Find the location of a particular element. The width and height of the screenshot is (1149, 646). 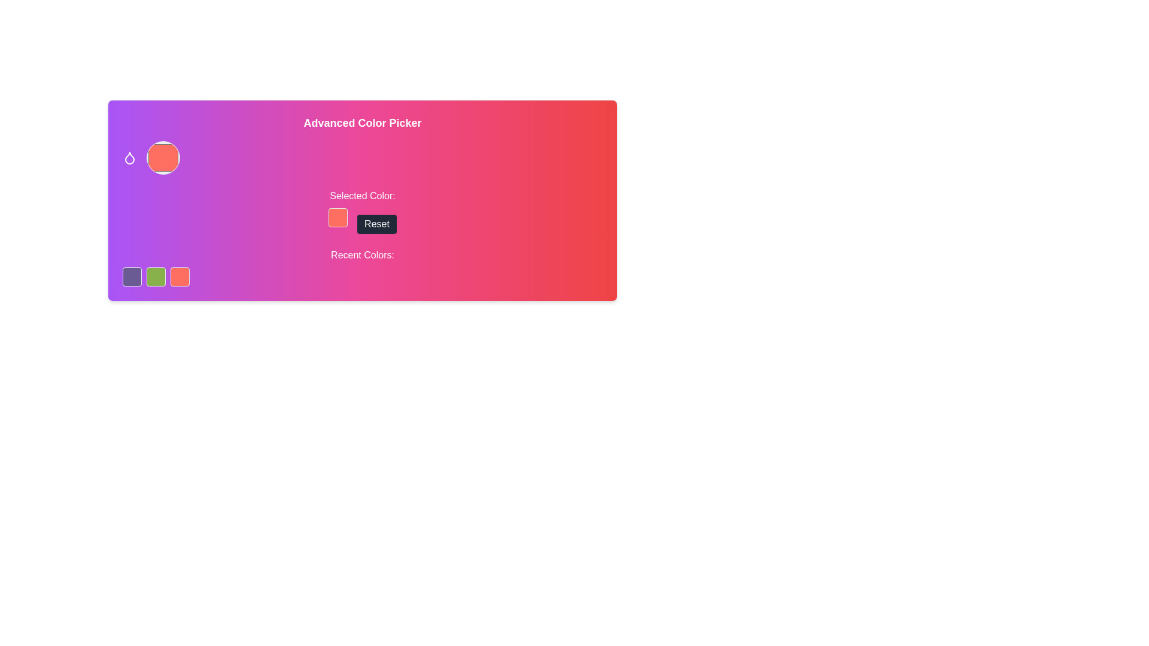

the reset button located to the right of the color preview box with a coral background to reset the currently selected color to its default state is located at coordinates (376, 224).